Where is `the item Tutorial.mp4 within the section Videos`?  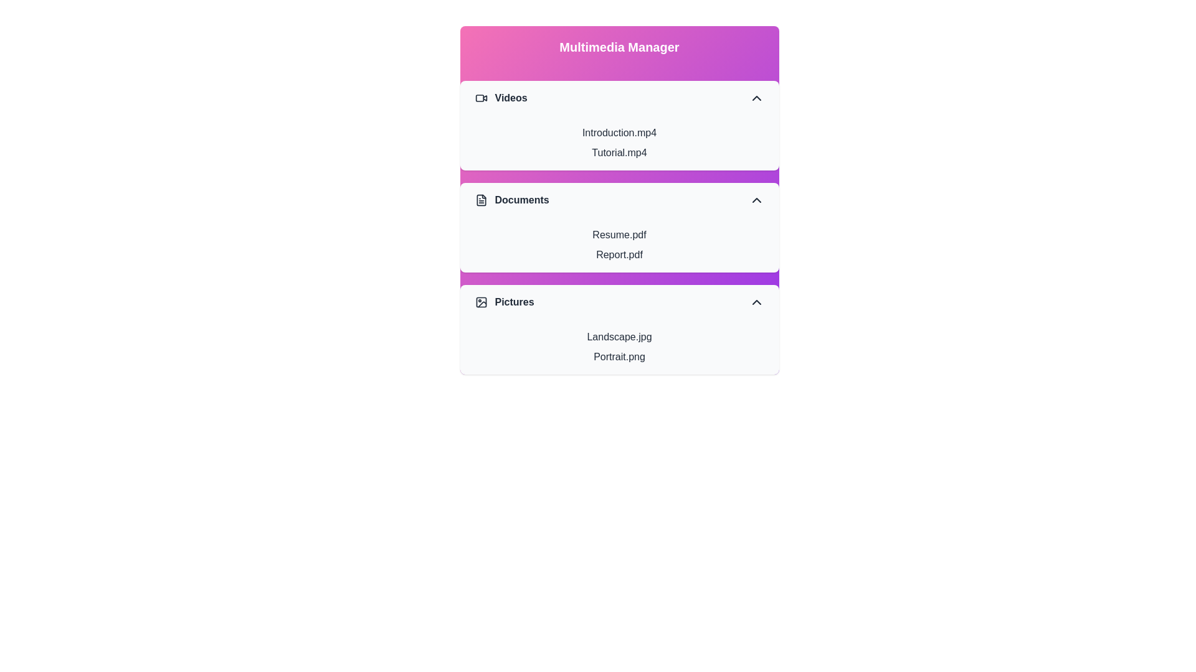
the item Tutorial.mp4 within the section Videos is located at coordinates (619, 152).